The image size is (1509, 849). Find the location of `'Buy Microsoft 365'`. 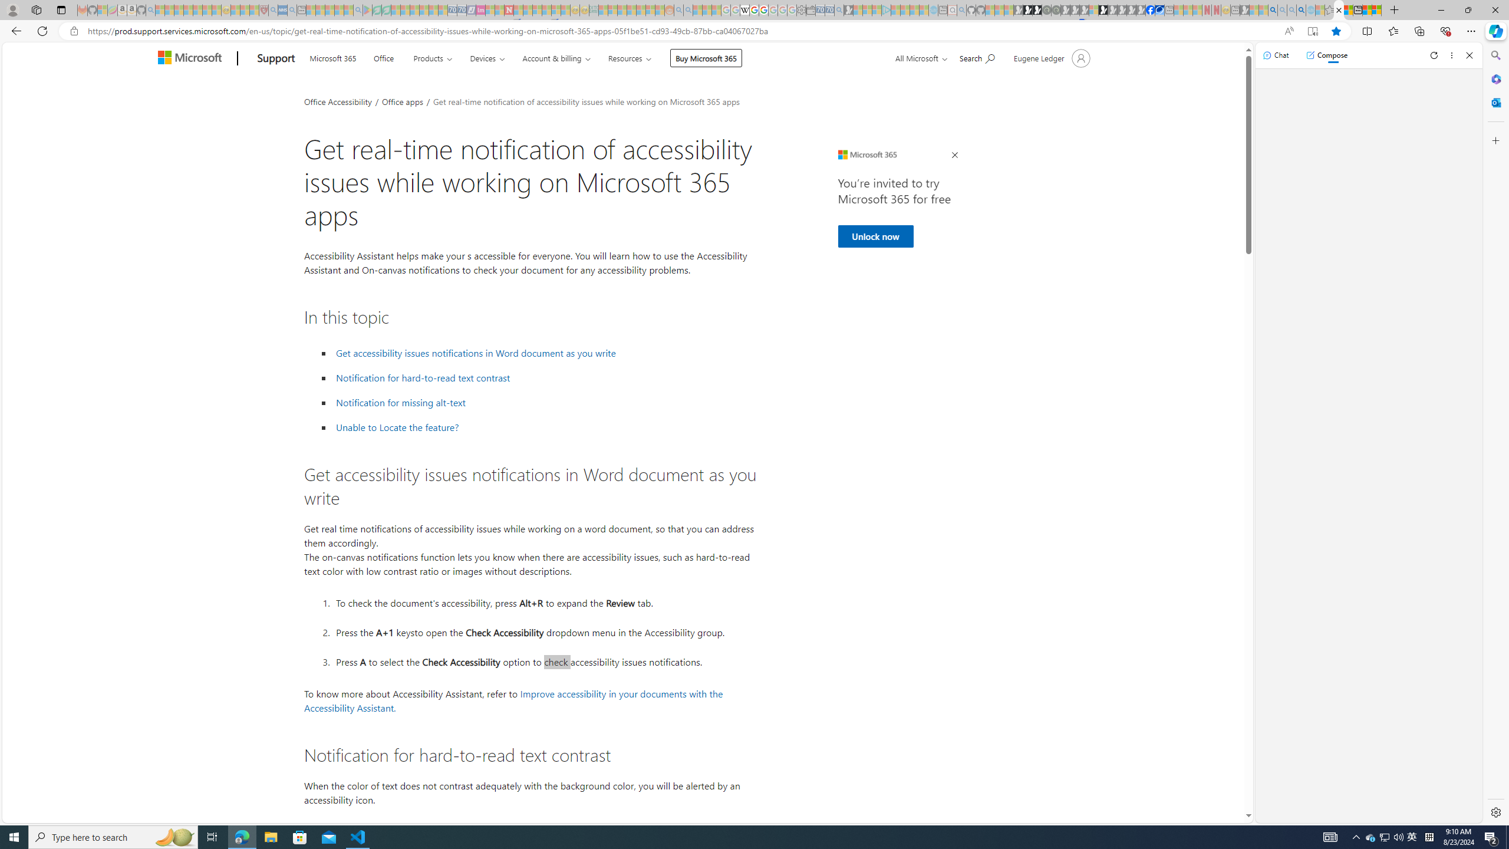

'Buy Microsoft 365' is located at coordinates (706, 57).